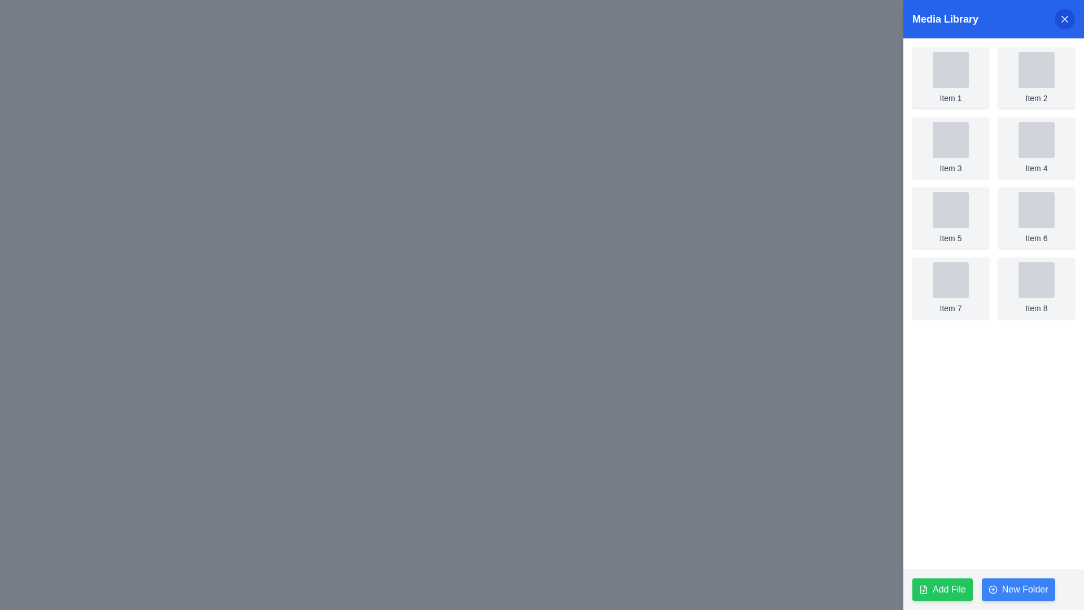 Image resolution: width=1084 pixels, height=610 pixels. Describe the element at coordinates (992, 589) in the screenshot. I see `the outer circular border of the 'circle-plus' icon, which is adjacent to the 'New Folder' button, as it is part of an interactive area` at that location.